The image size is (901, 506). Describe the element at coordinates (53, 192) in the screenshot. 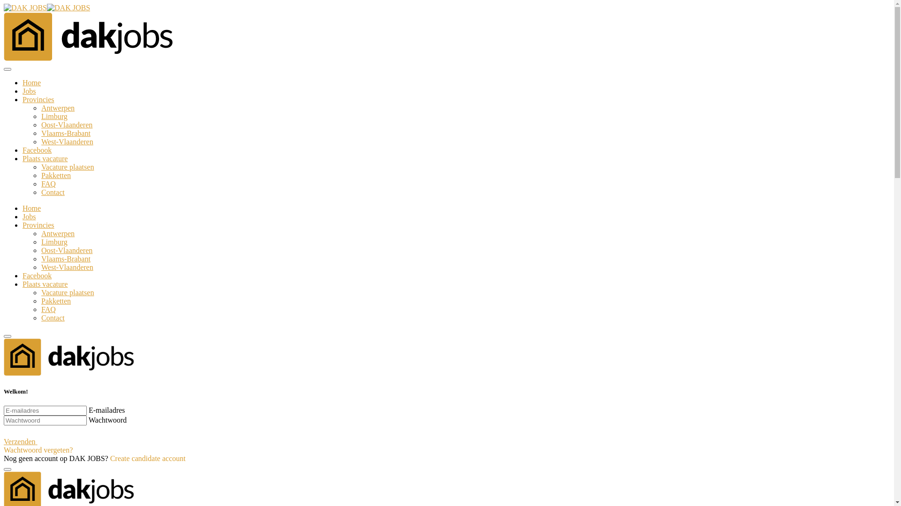

I see `'Contact'` at that location.